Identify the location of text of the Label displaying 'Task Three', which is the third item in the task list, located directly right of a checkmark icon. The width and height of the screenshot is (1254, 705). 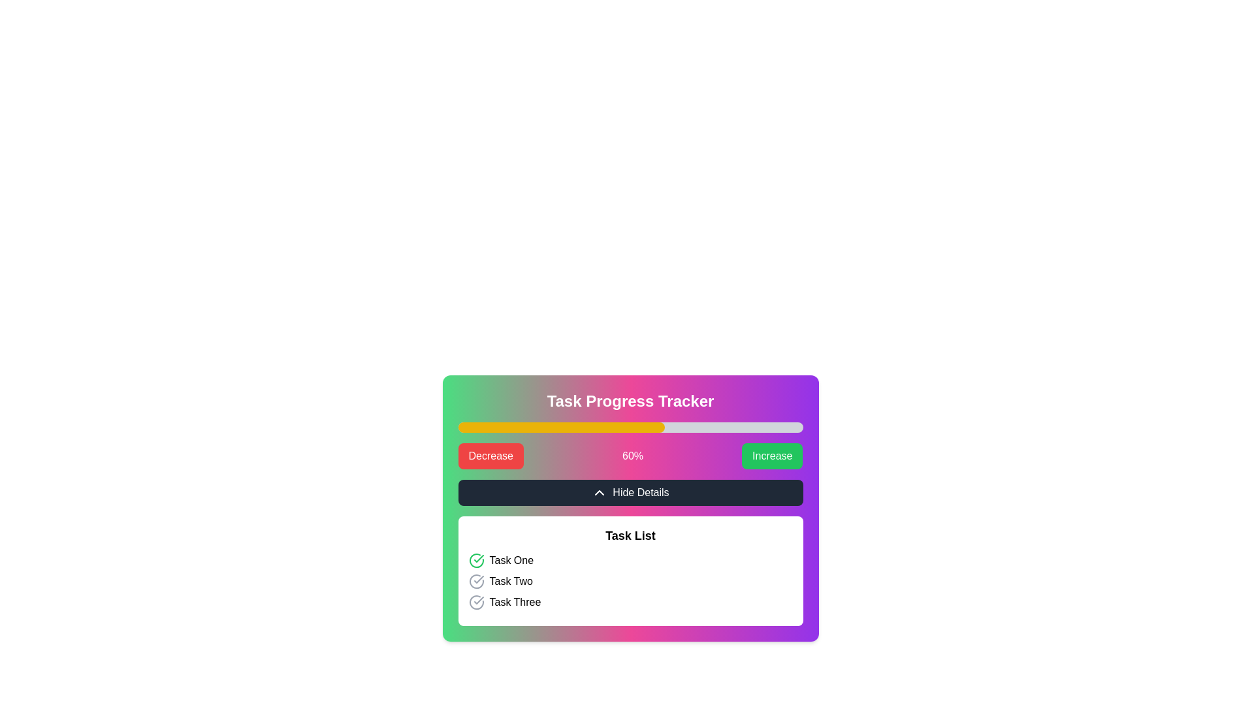
(514, 602).